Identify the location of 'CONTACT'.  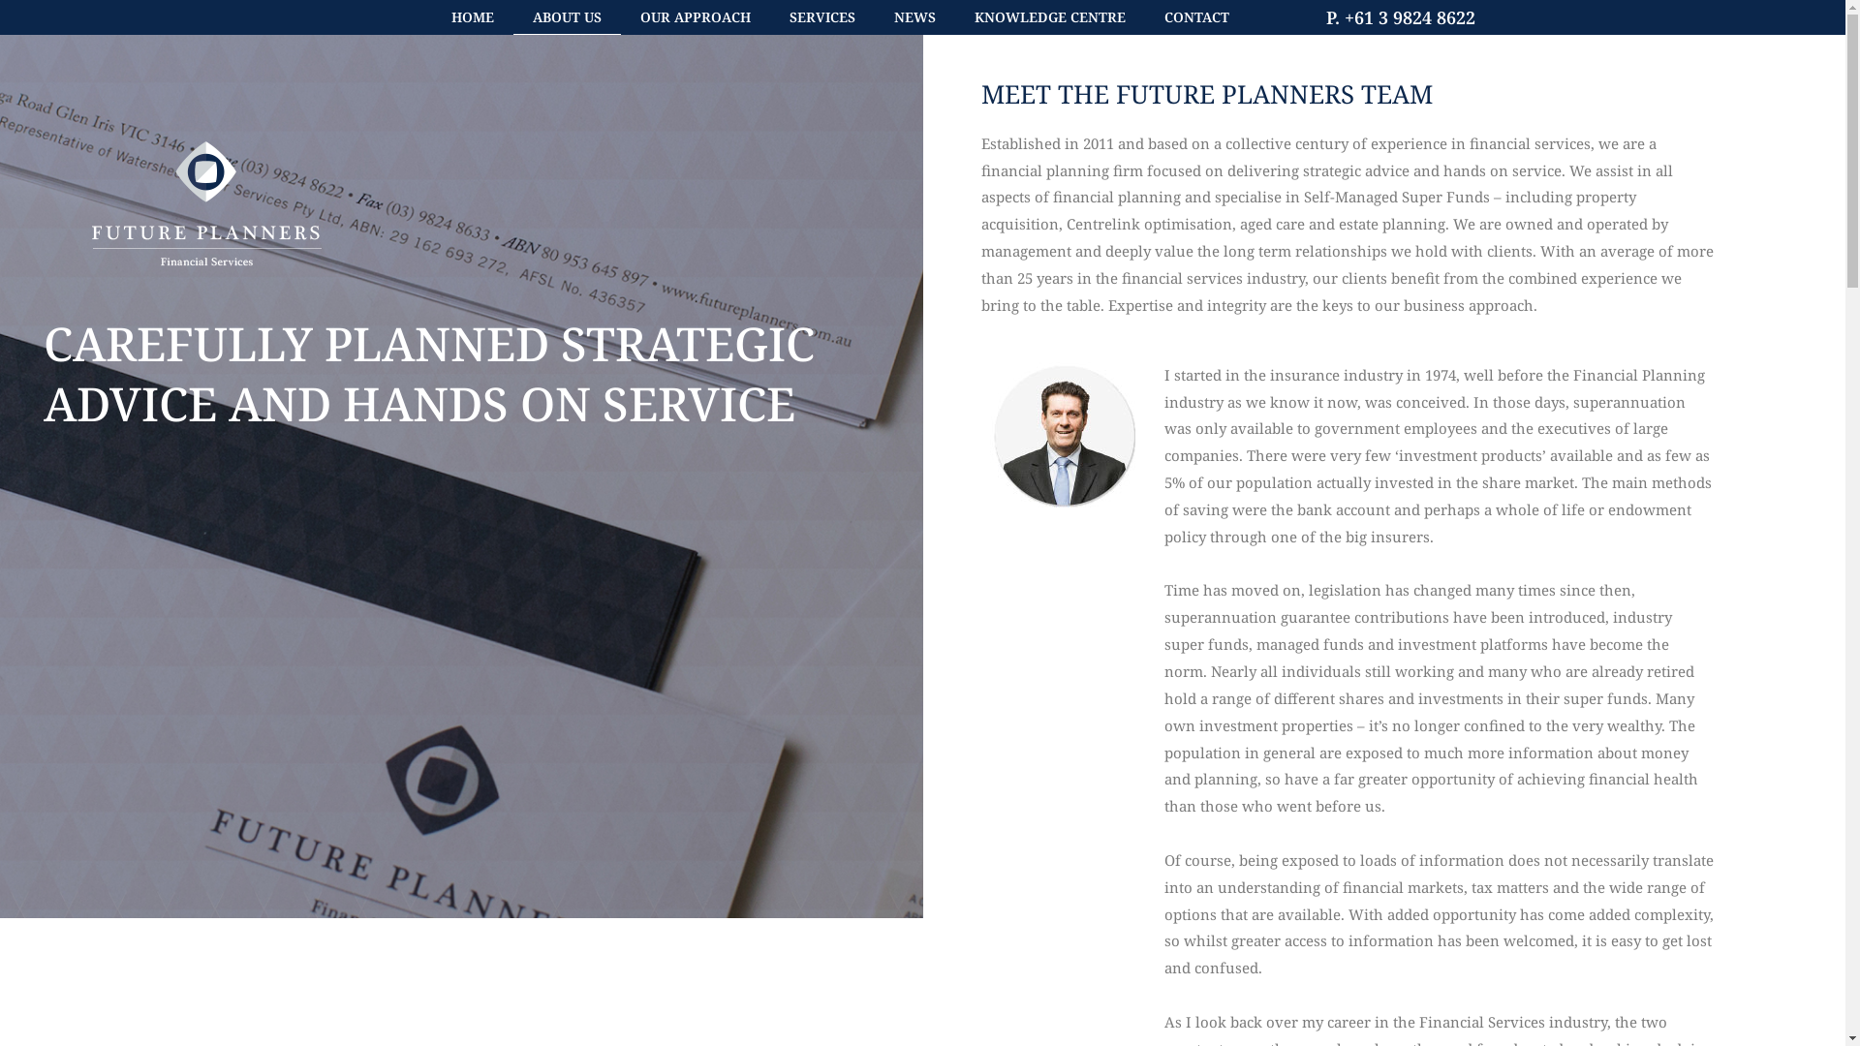
(1195, 17).